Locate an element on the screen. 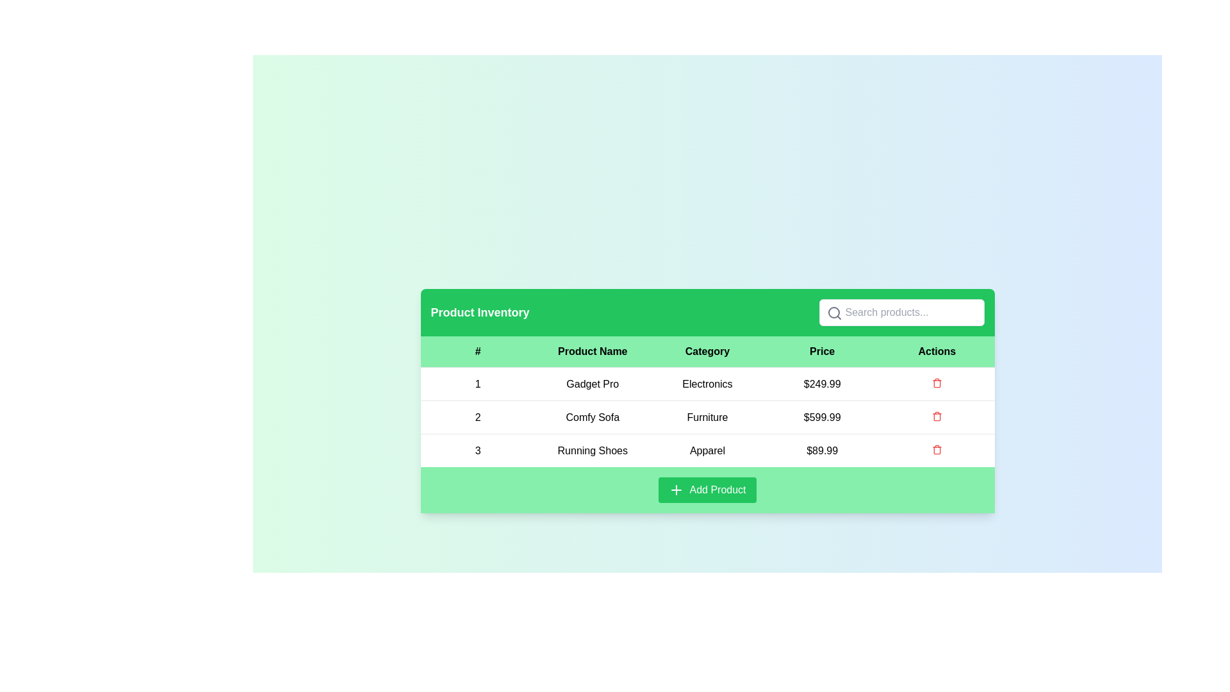 The image size is (1230, 692). the text input field for searching products, which is styled with a border and rounded corners, located on the right side of the 'Product Inventory' header is located at coordinates (901, 313).